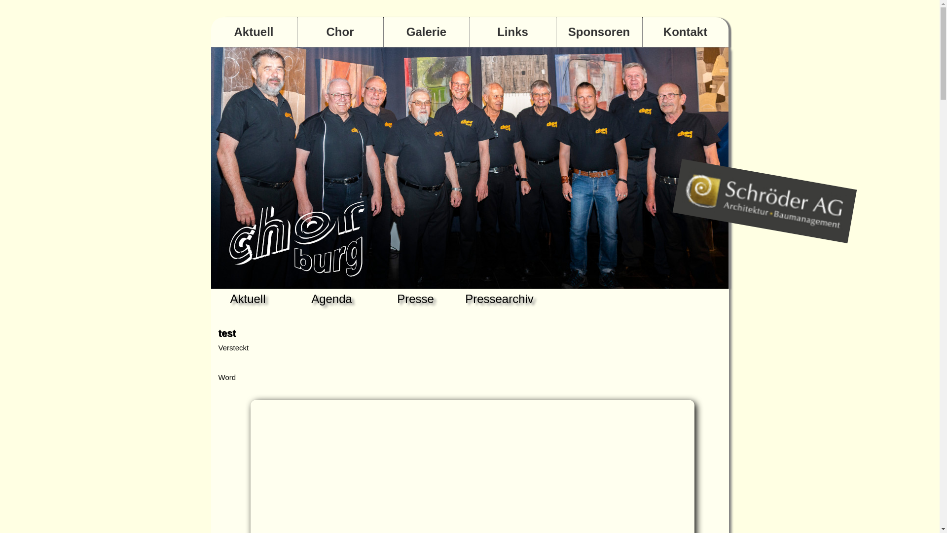  I want to click on 'Presse', so click(415, 298).